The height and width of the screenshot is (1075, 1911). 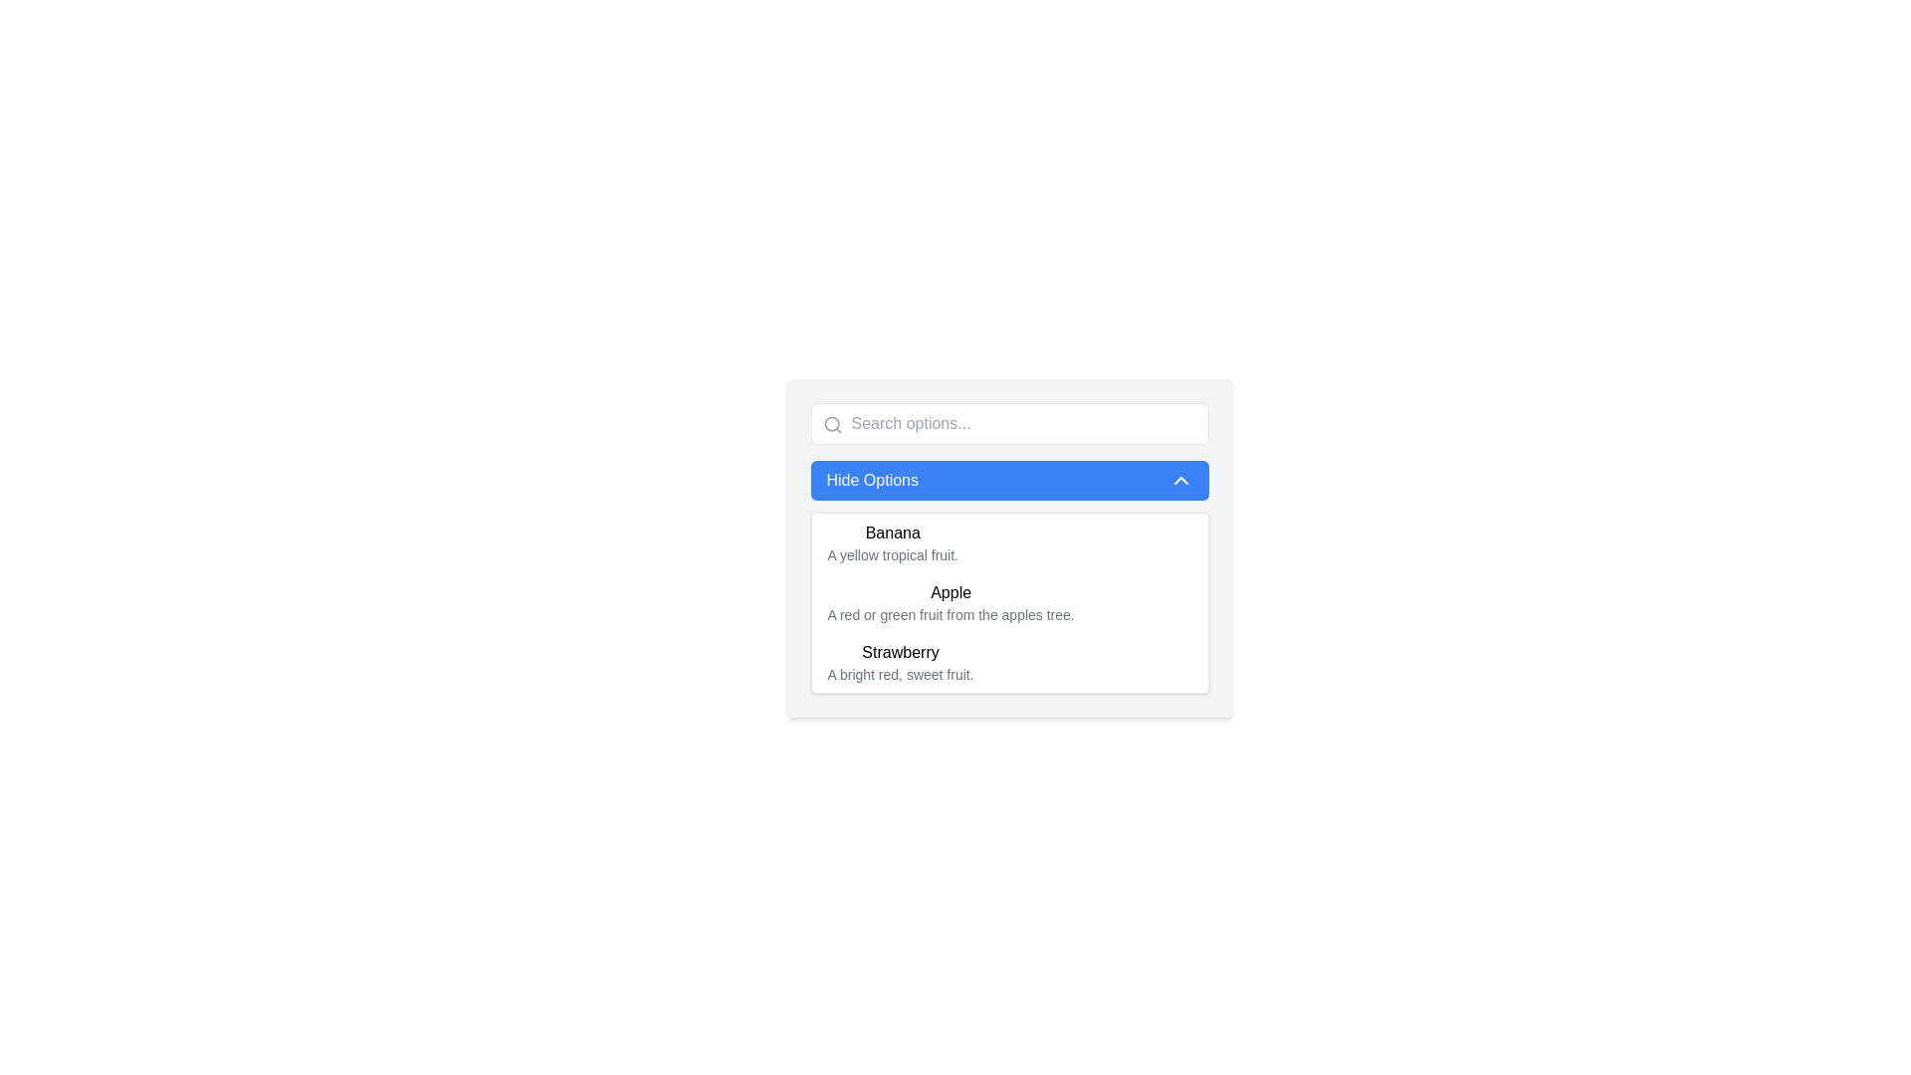 I want to click on the 'Apple' list item in the dropdown menu, so click(x=950, y=601).